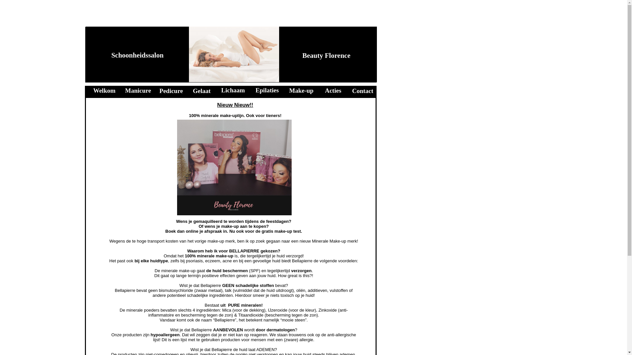 Image resolution: width=632 pixels, height=355 pixels. What do you see at coordinates (171, 91) in the screenshot?
I see `'Pedicure'` at bounding box center [171, 91].